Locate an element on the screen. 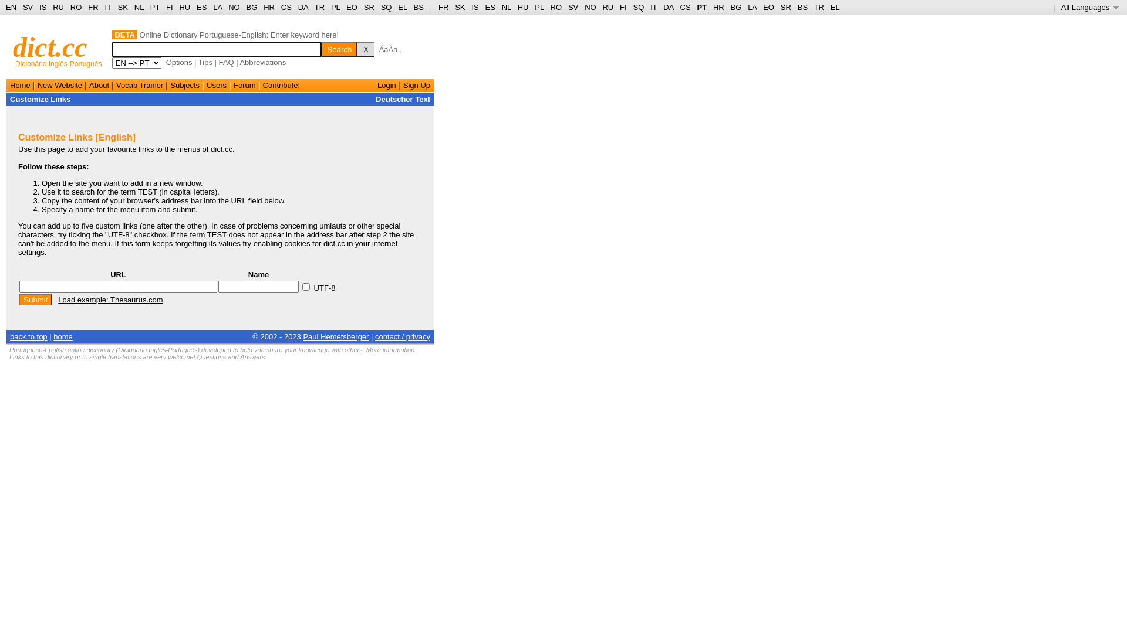 This screenshot has width=1127, height=633. 'IS' is located at coordinates (39, 7).